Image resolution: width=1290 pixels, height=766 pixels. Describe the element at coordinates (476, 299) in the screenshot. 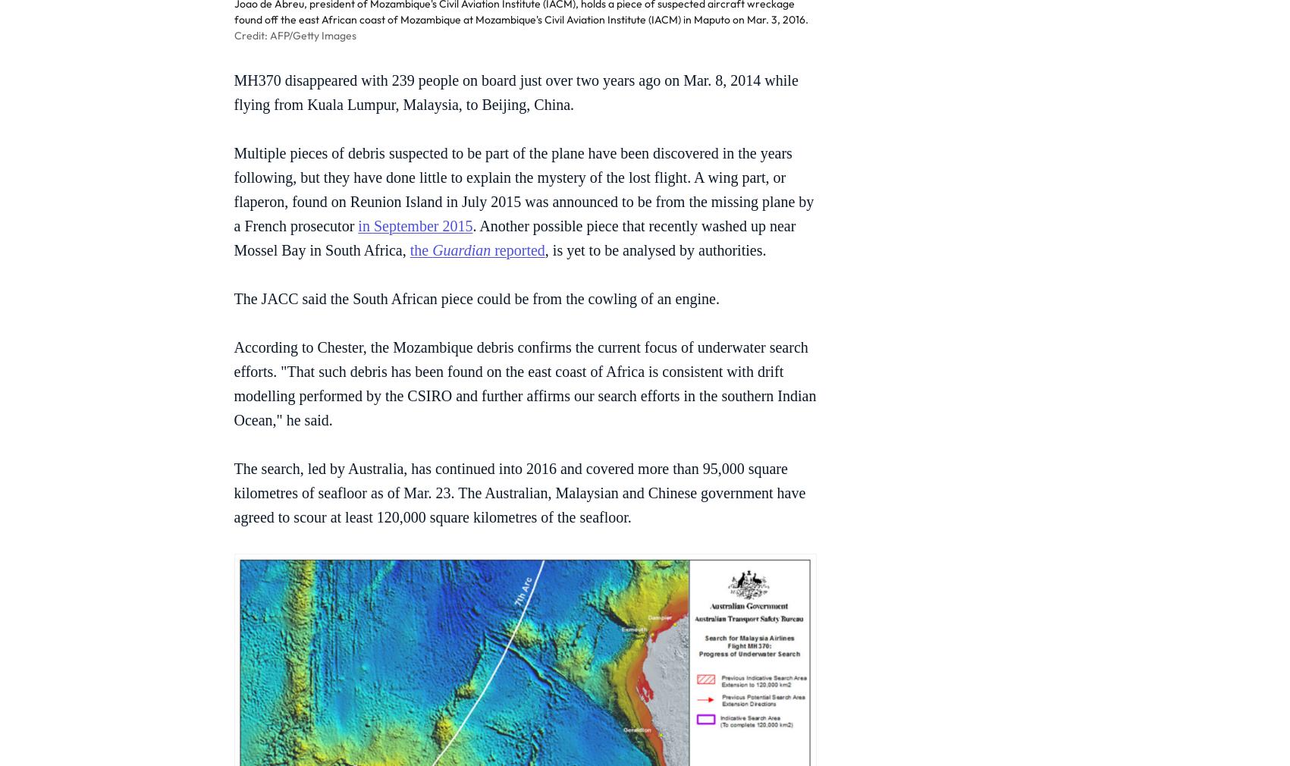

I see `'The JACC said the South African piece could be from the cowling of an engine.'` at that location.